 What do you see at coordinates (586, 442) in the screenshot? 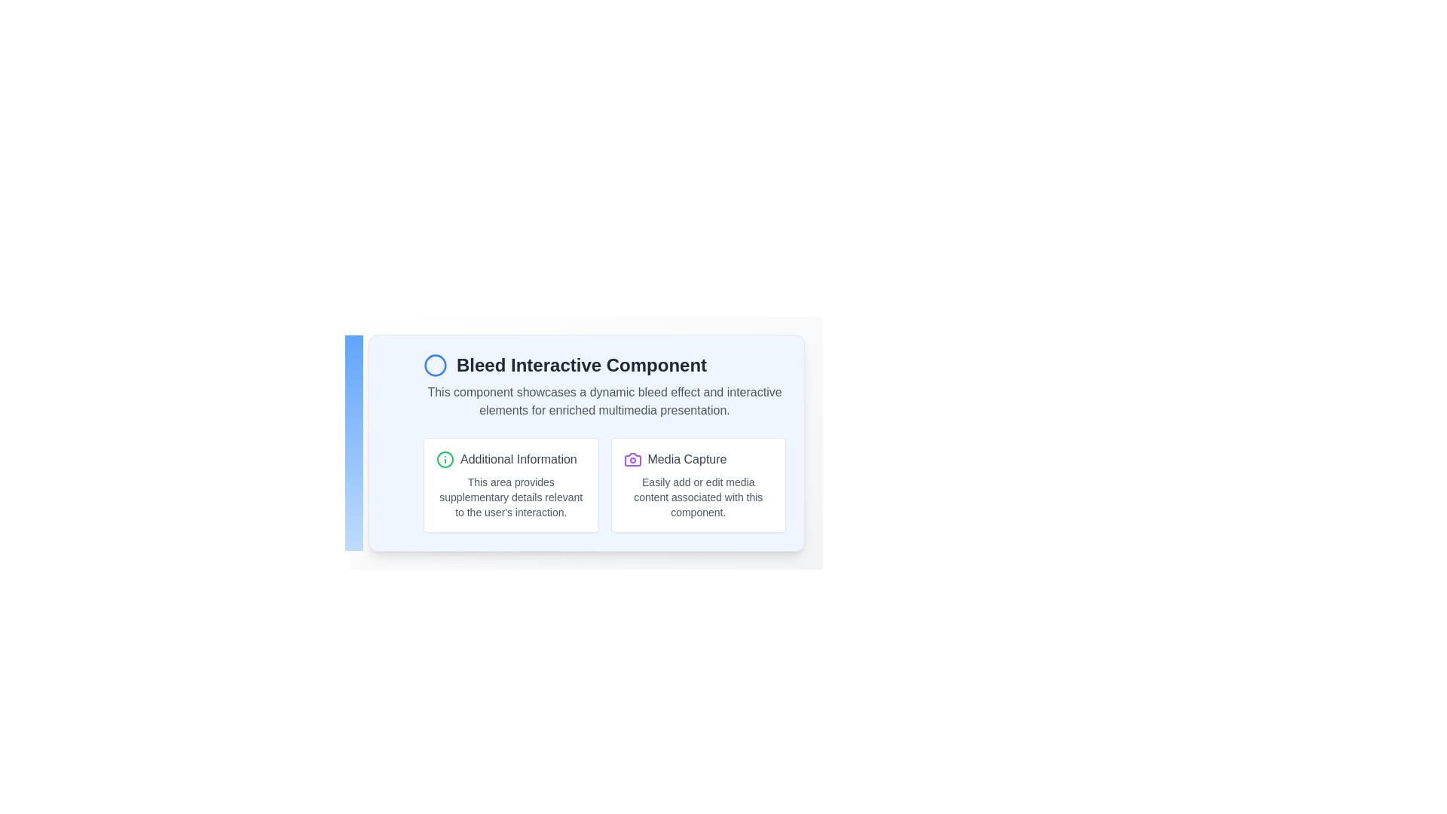
I see `the individual nested sections of the Informational panel titled 'Bleed Interactive Component', which includes 'Additional Information' and 'Media Capture' sections` at bounding box center [586, 442].